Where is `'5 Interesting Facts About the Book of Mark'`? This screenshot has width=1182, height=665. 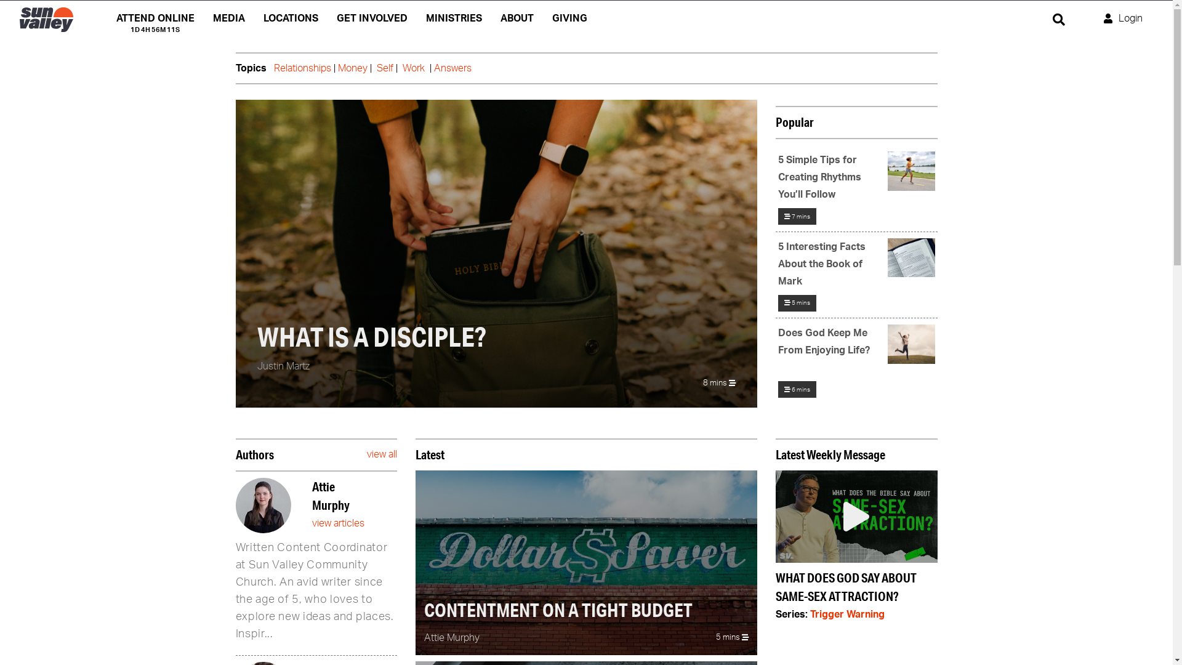 '5 Interesting Facts About the Book of Mark' is located at coordinates (856, 263).